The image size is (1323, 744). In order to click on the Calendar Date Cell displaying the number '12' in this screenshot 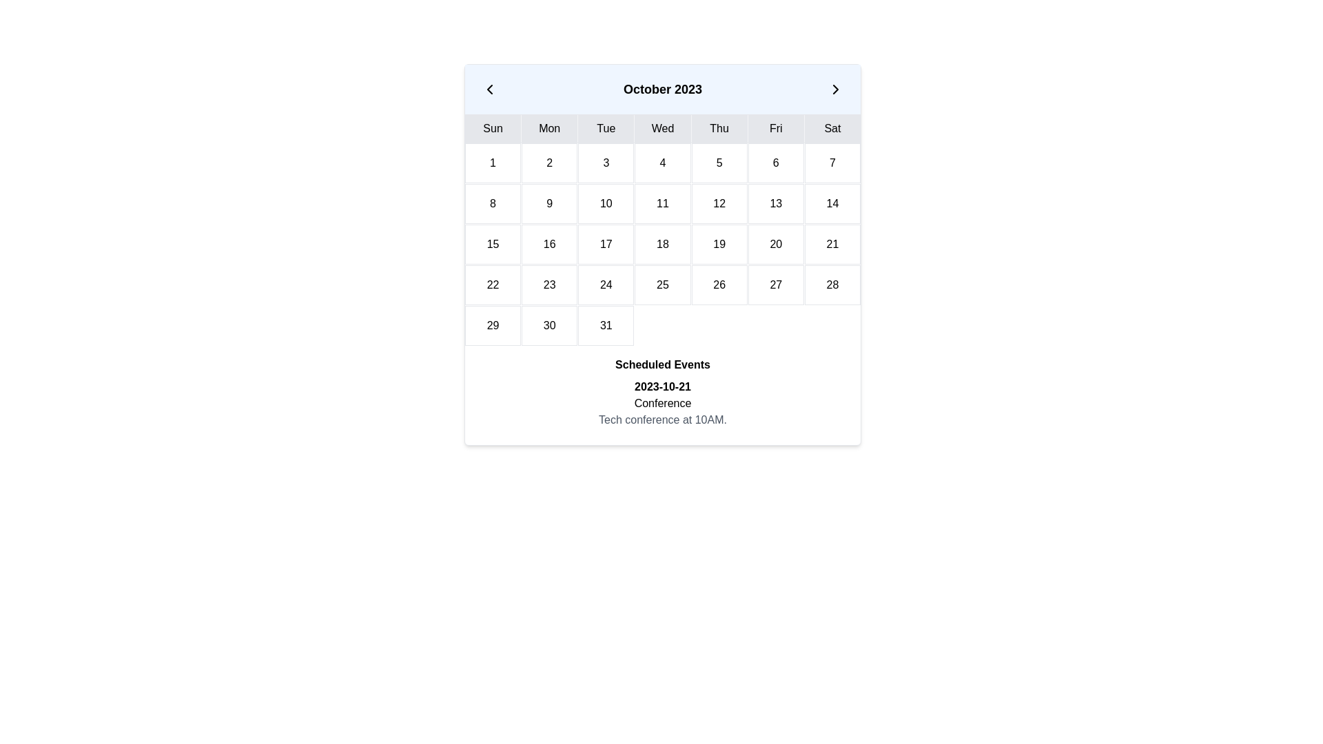, I will do `click(719, 204)`.